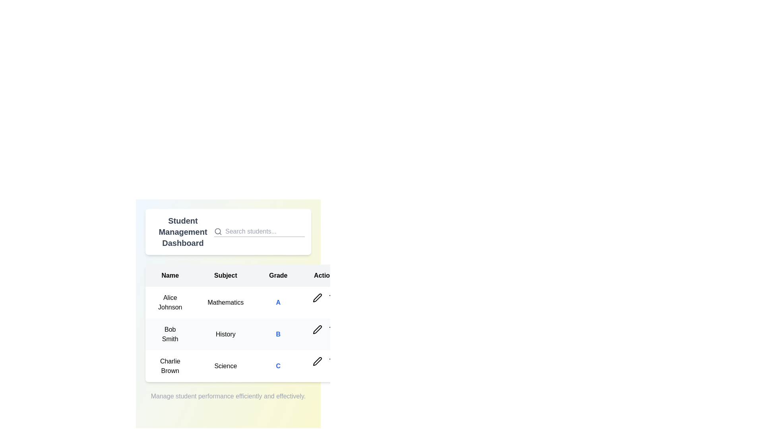  I want to click on the text input field labeled 'Search students...', so click(265, 231).